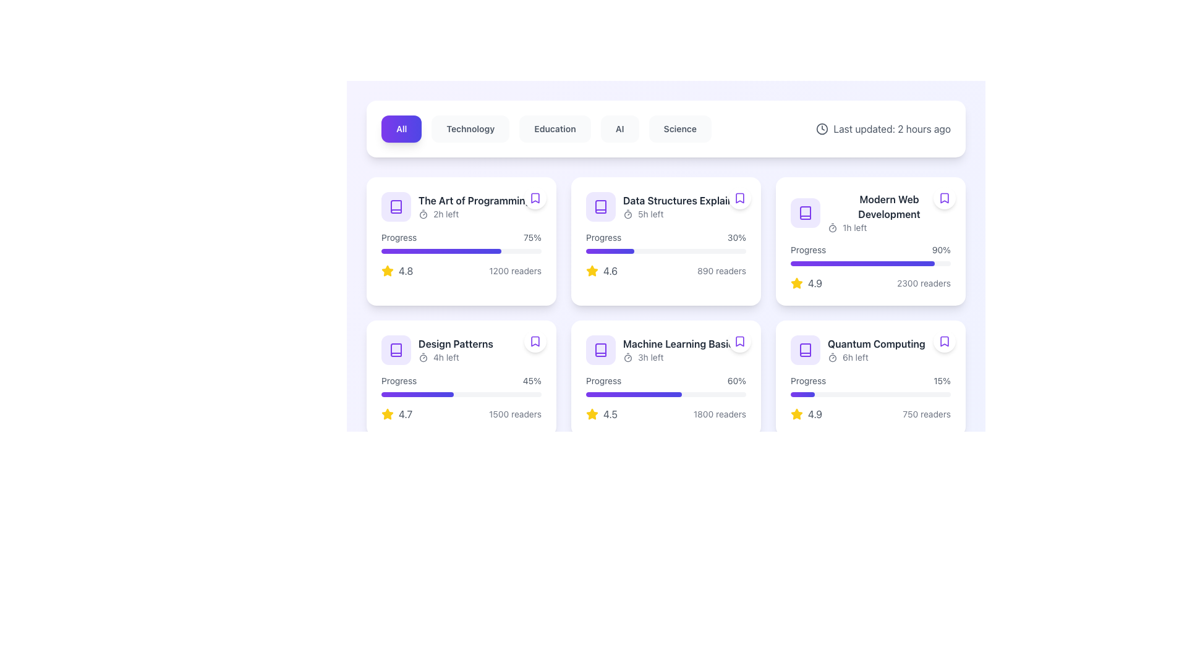 Image resolution: width=1187 pixels, height=667 pixels. I want to click on the static text label displaying '30% progress' that is located at the top-right area of the card, following the text 'Progress', so click(736, 238).